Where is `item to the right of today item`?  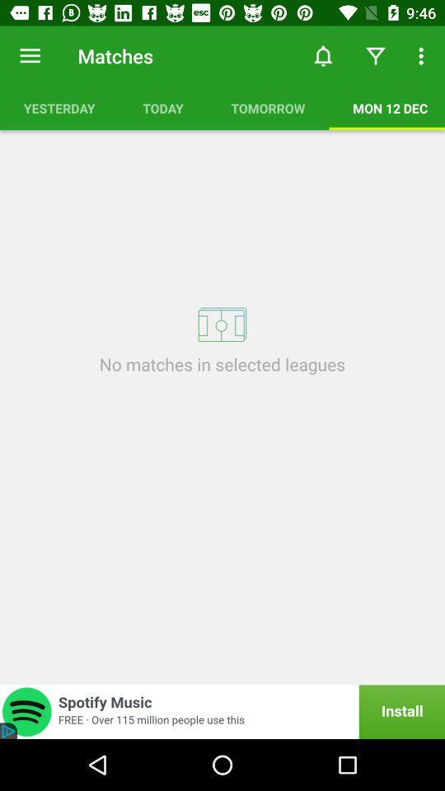
item to the right of today item is located at coordinates (268, 107).